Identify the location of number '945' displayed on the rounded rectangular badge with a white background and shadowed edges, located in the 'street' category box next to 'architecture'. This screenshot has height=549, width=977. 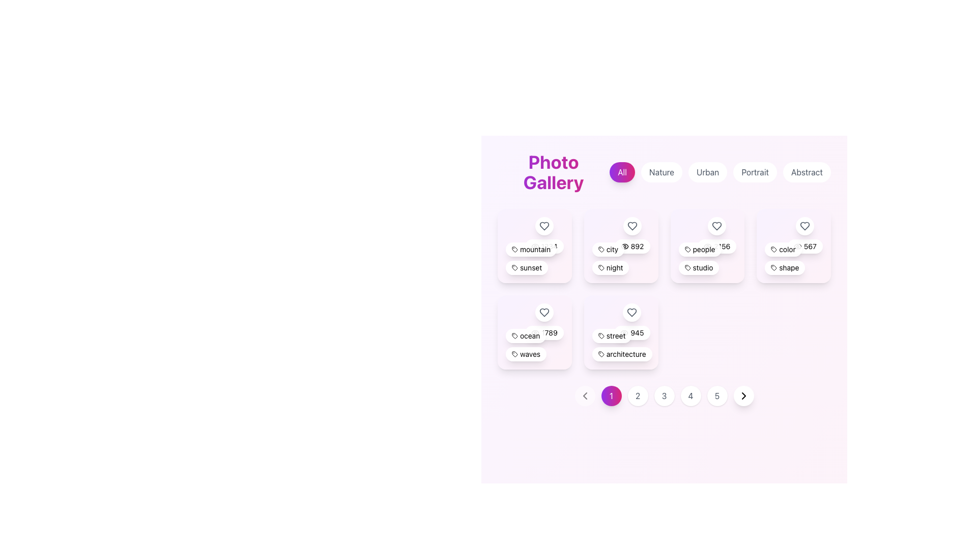
(631, 332).